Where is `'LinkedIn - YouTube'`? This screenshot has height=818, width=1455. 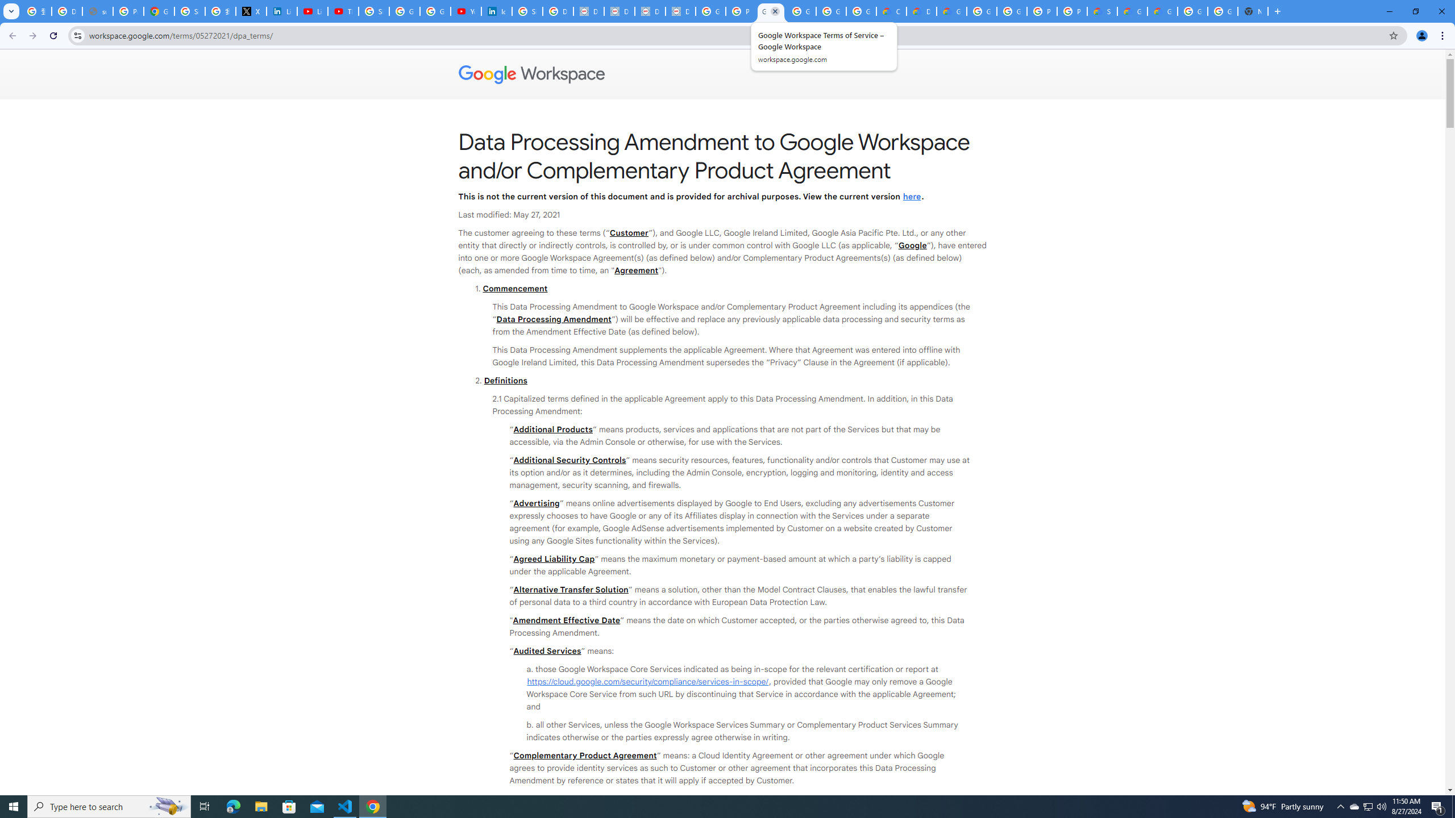 'LinkedIn - YouTube' is located at coordinates (313, 11).